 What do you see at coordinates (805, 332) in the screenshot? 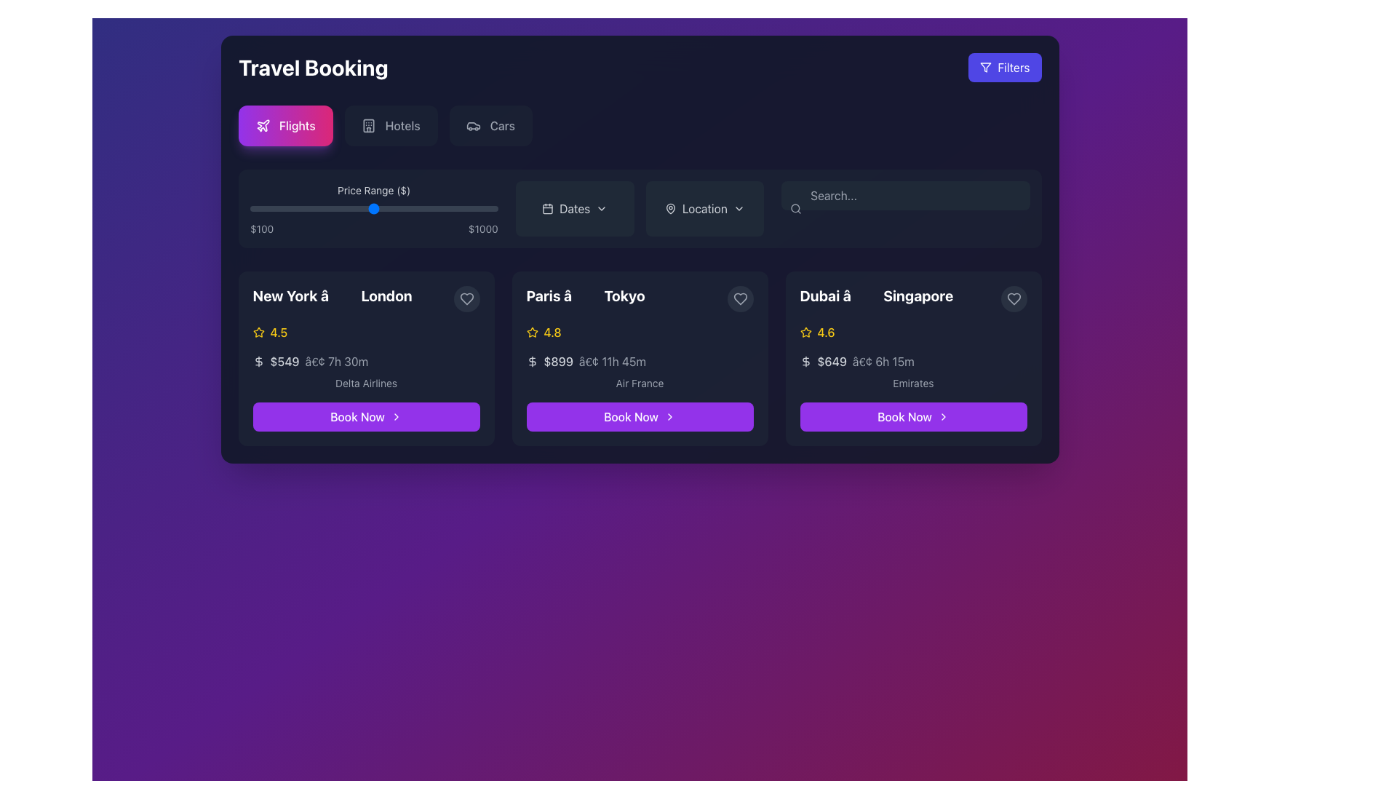
I see `the rating icon located in the third trip card from the left for the Dubai to Singapore route, positioned to the left of the '4.6' rating text` at bounding box center [805, 332].